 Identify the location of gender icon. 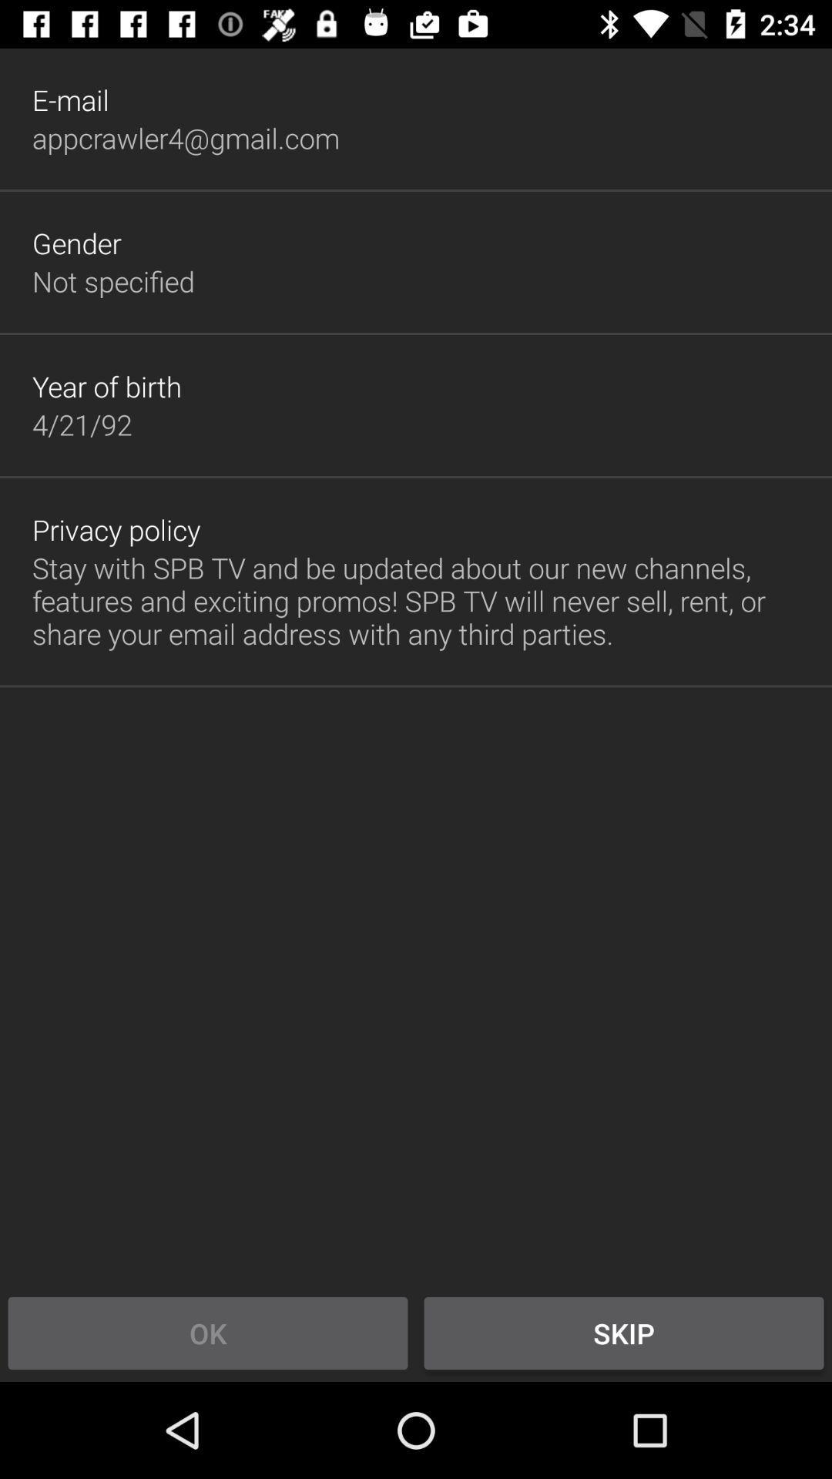
(76, 242).